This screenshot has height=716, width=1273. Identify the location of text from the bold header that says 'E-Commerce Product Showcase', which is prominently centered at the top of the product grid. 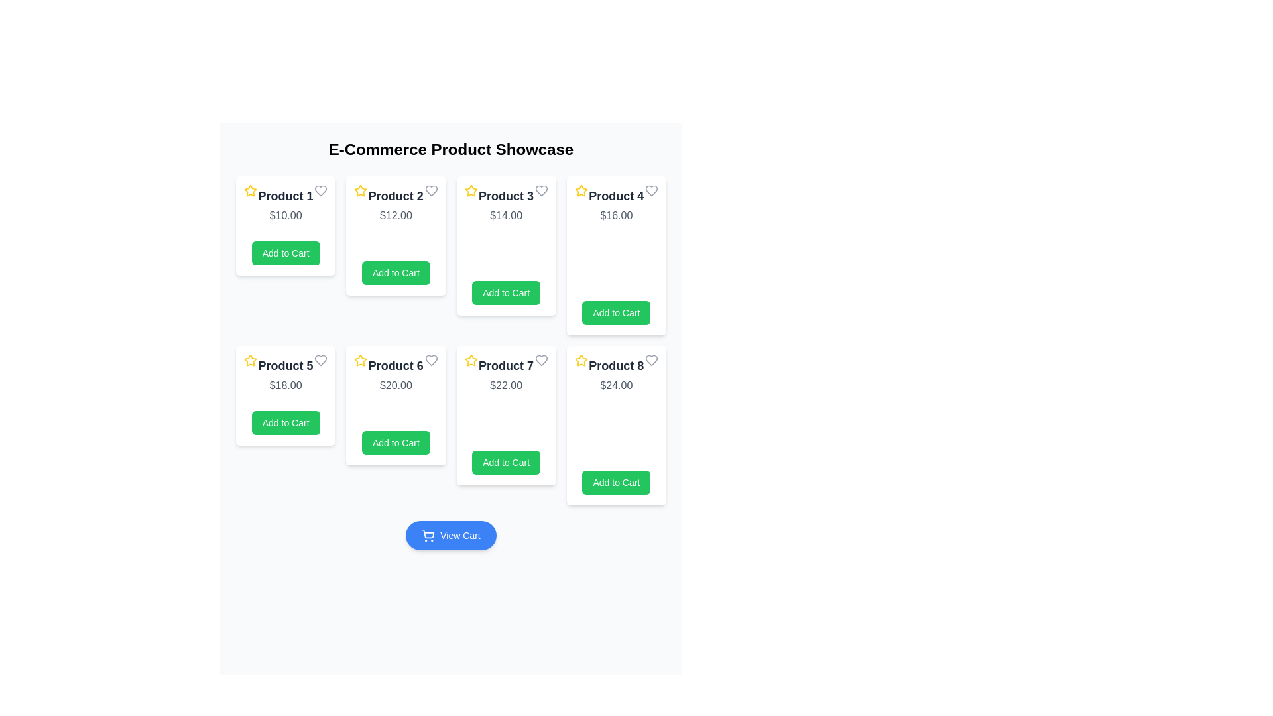
(451, 149).